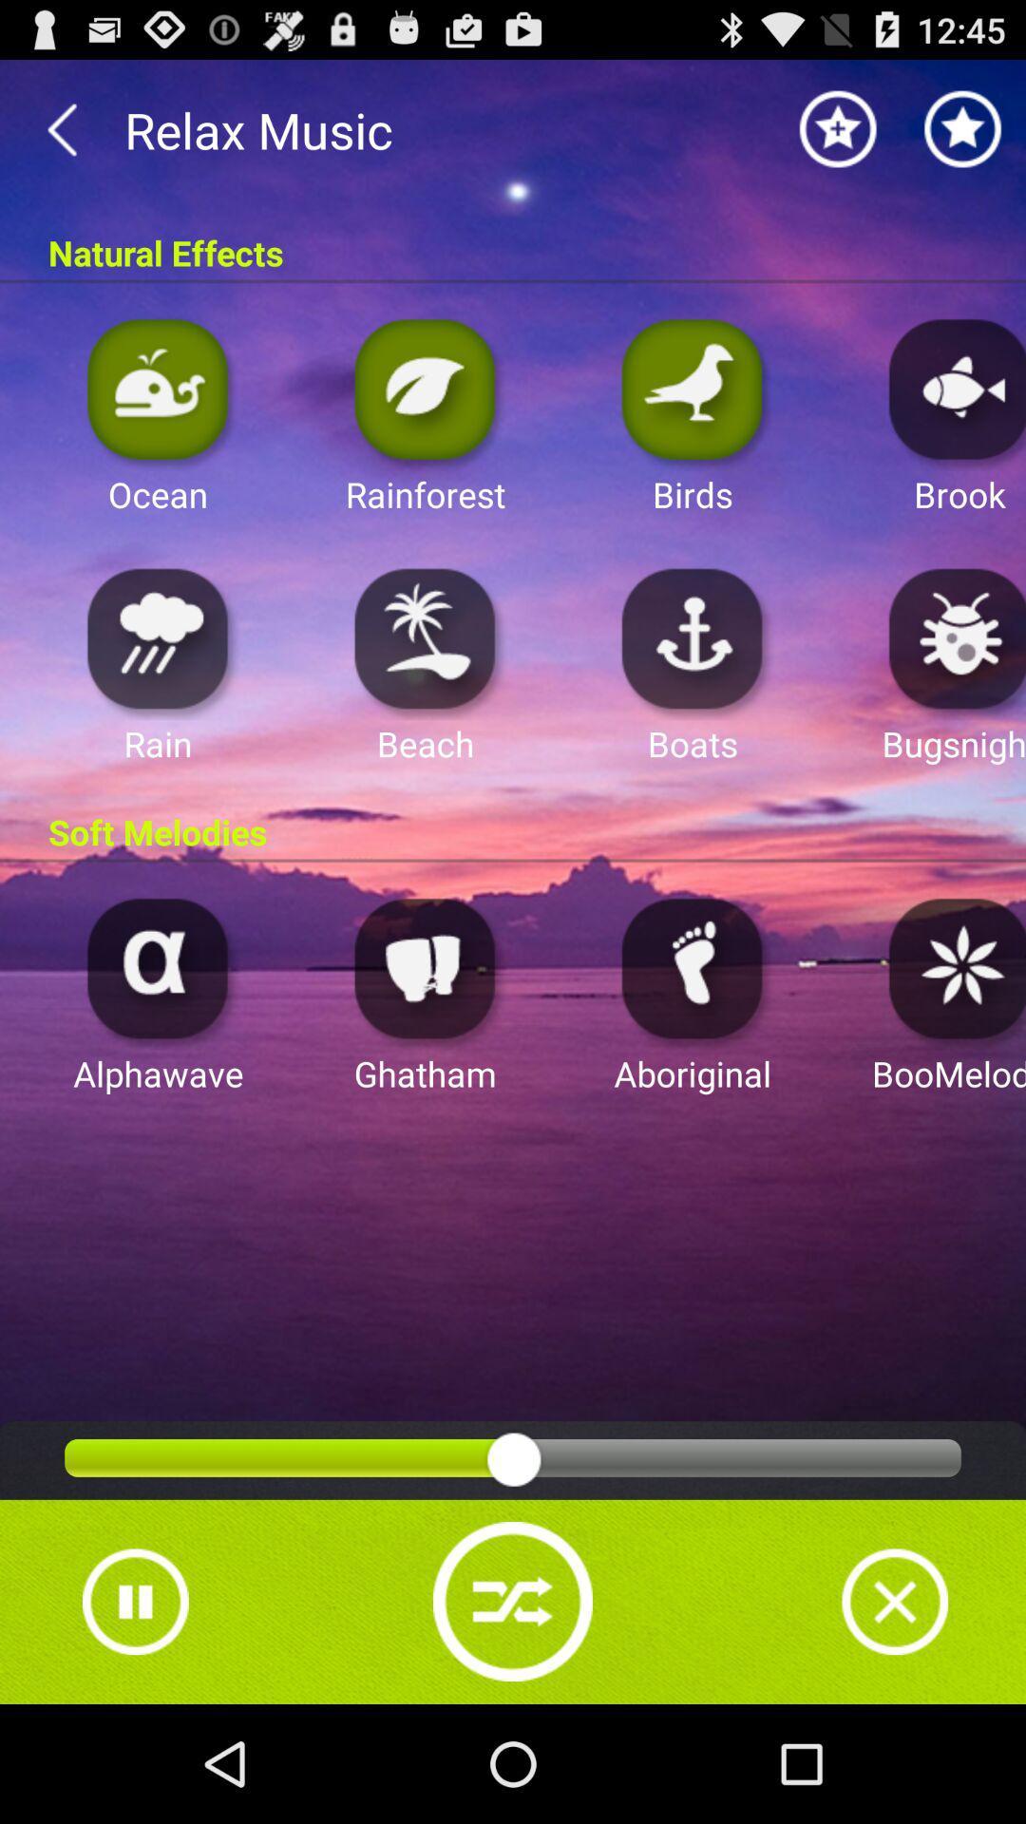 The width and height of the screenshot is (1026, 1824). Describe the element at coordinates (157, 637) in the screenshot. I see `starts rain background noise` at that location.